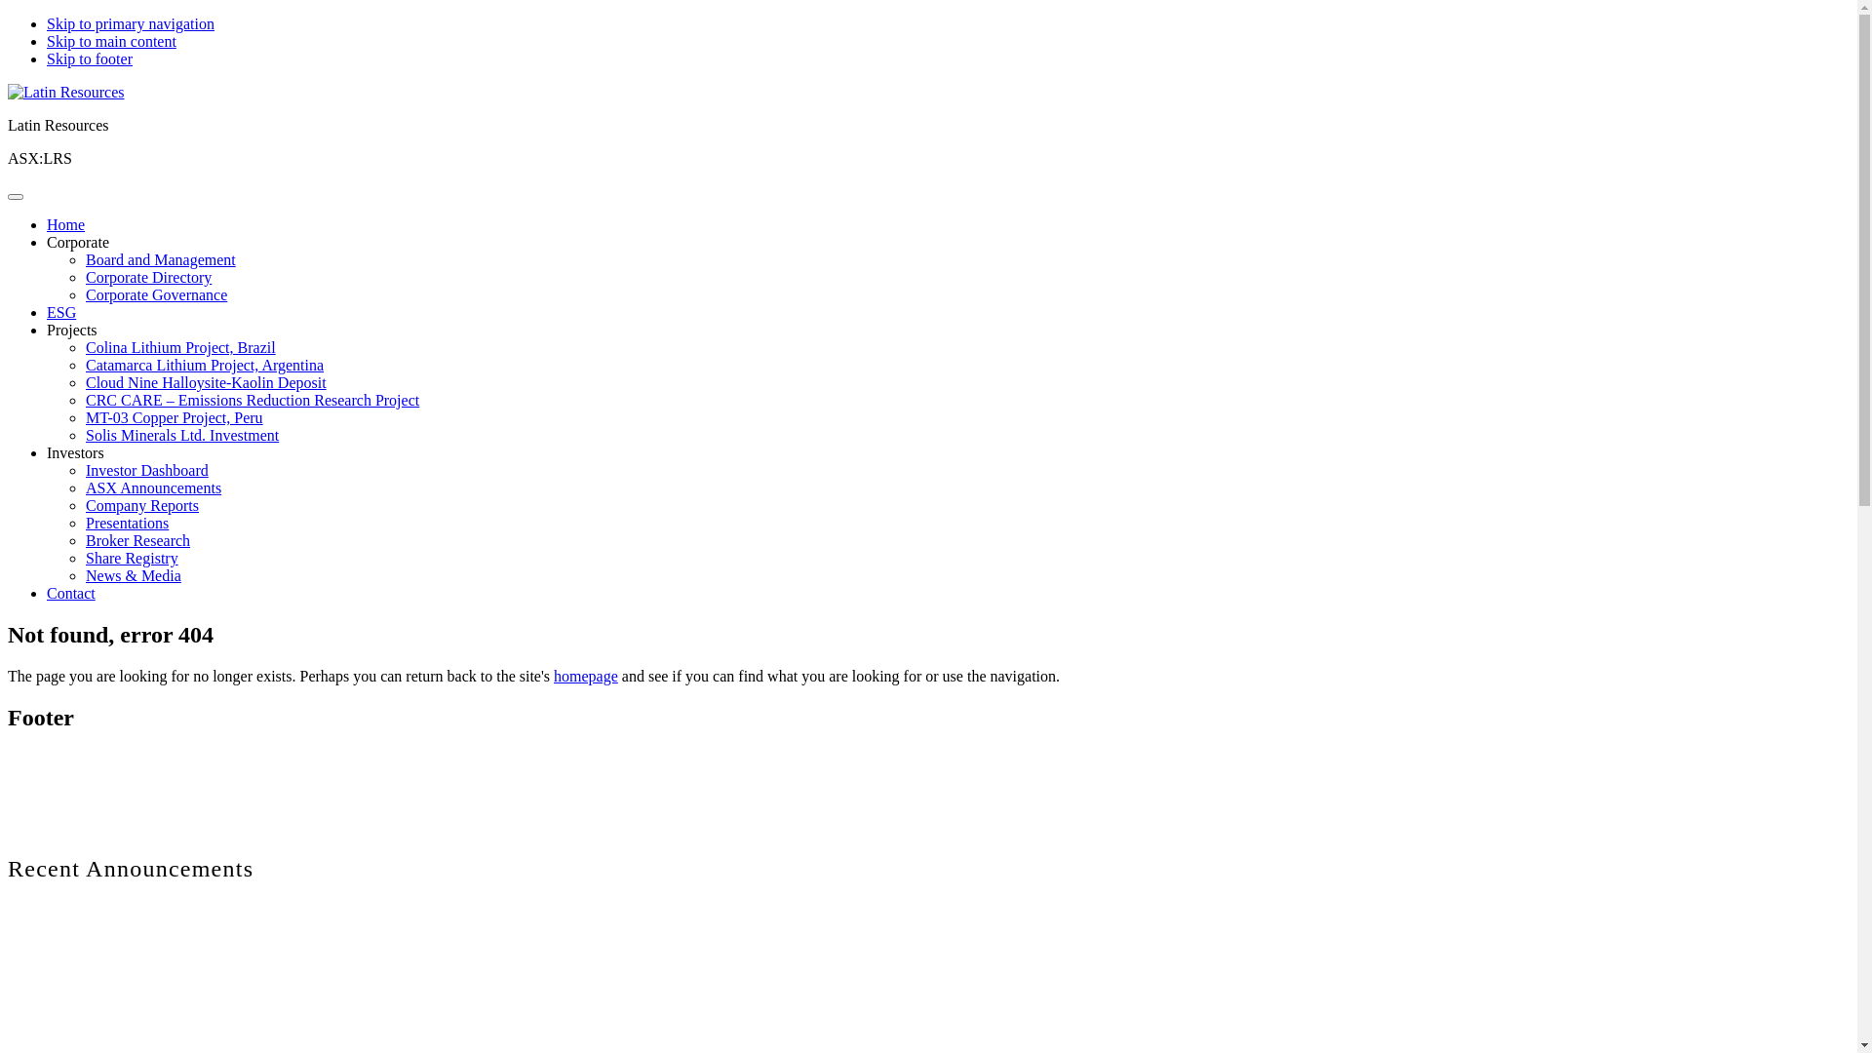 The image size is (1872, 1053). What do you see at coordinates (71, 329) in the screenshot?
I see `'Projects'` at bounding box center [71, 329].